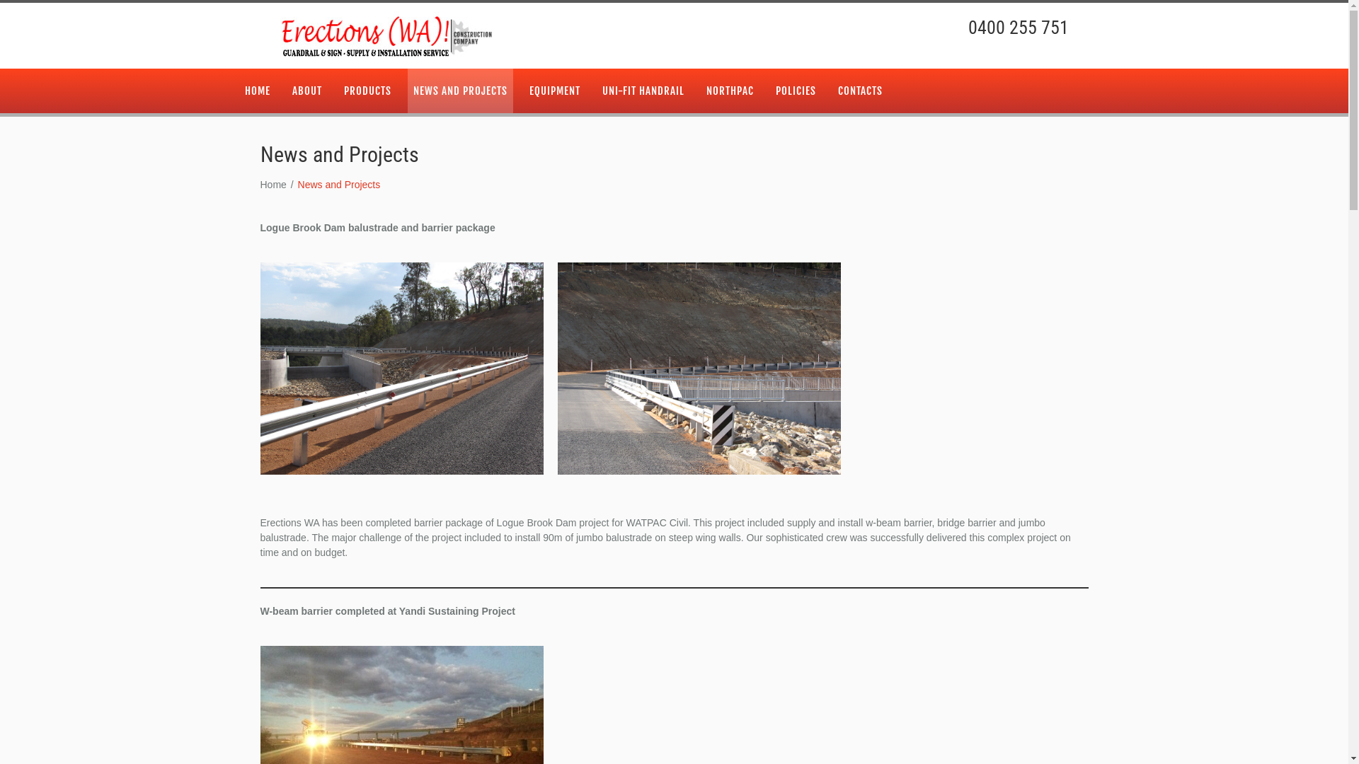 The width and height of the screenshot is (1359, 764). What do you see at coordinates (285, 91) in the screenshot?
I see `'ABOUT'` at bounding box center [285, 91].